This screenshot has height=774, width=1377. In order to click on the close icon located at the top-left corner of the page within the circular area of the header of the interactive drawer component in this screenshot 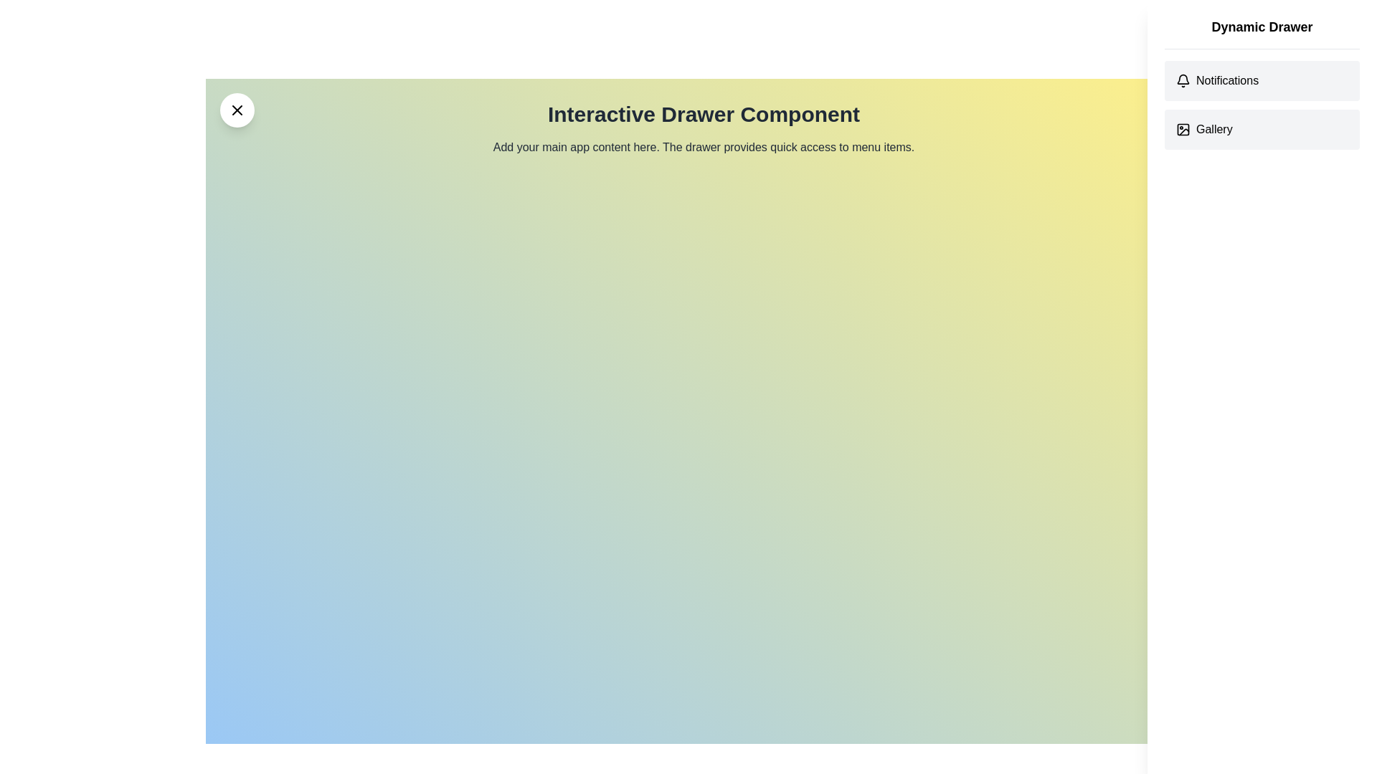, I will do `click(237, 110)`.